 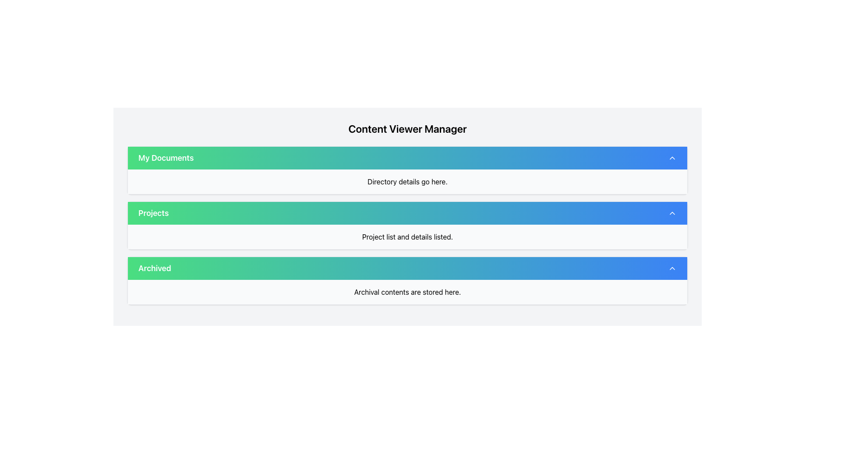 What do you see at coordinates (407, 181) in the screenshot?
I see `the static text label displaying 'Directory details go here.' located in the 'My Documents' section with a gradient background` at bounding box center [407, 181].